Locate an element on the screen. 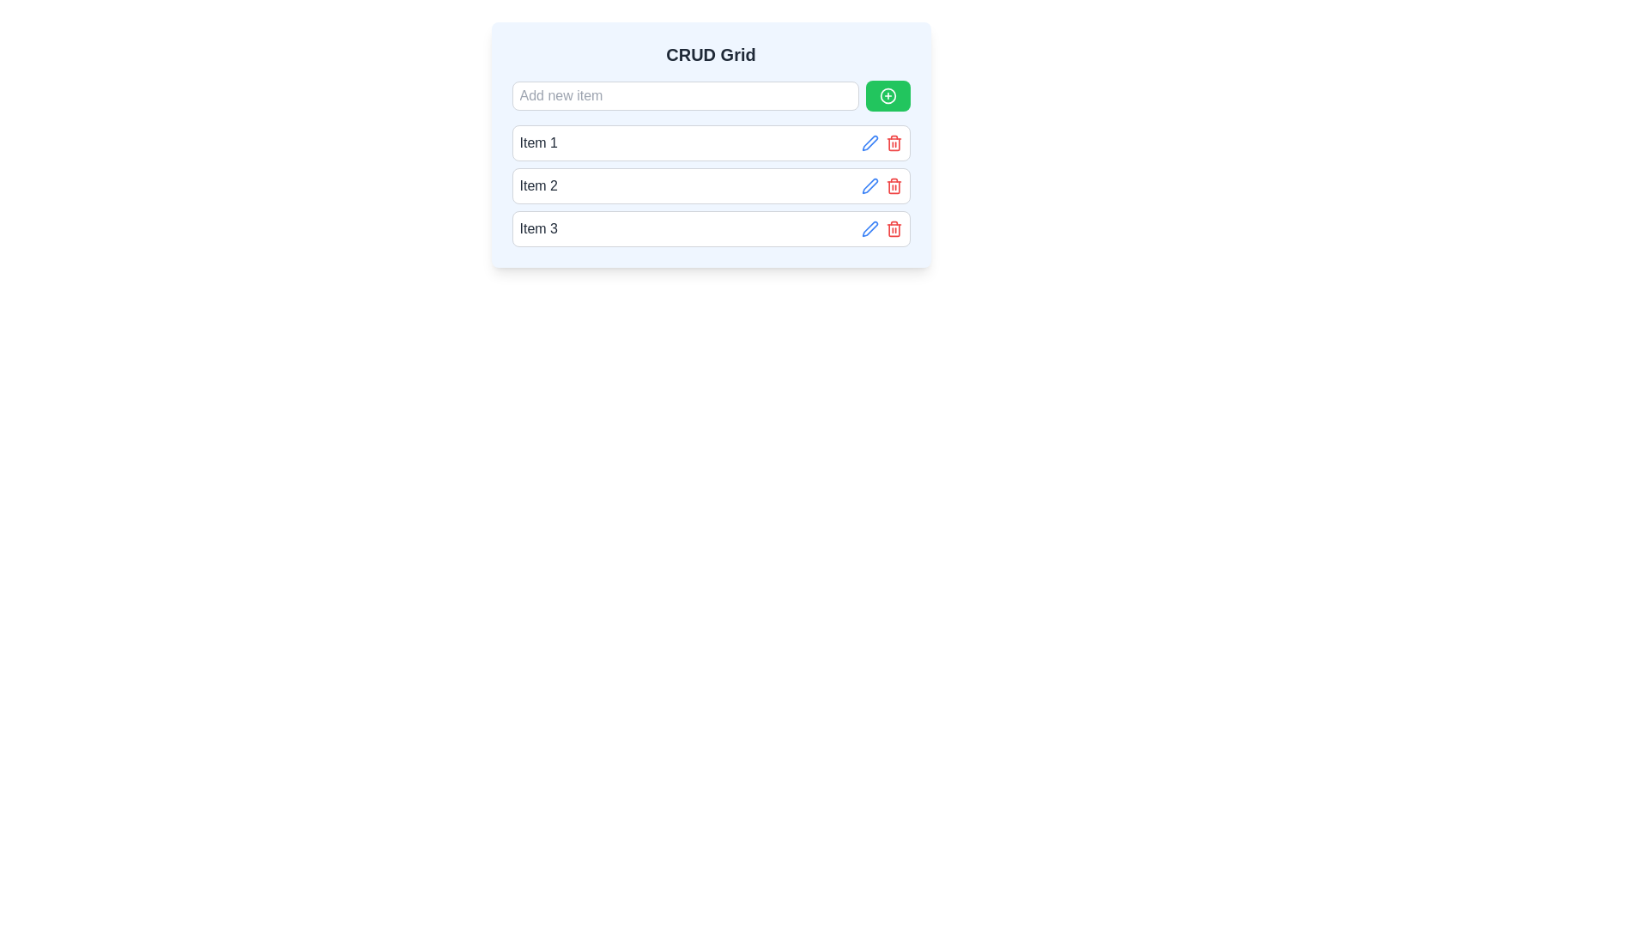 The width and height of the screenshot is (1648, 927). the leftmost icon button representing a pen to initiate edit mode is located at coordinates (869, 142).